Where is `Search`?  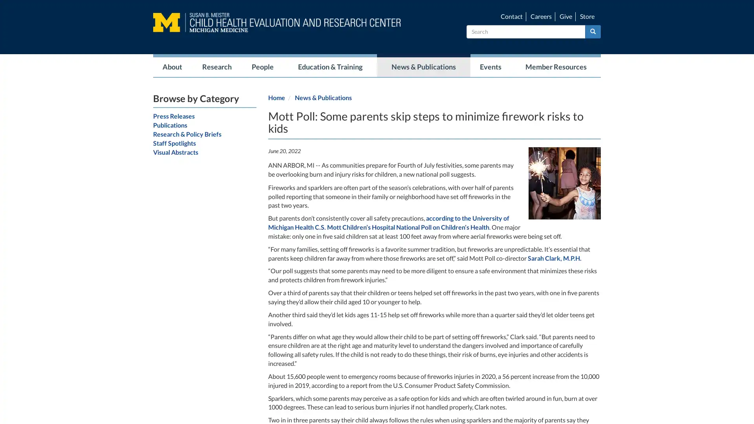 Search is located at coordinates (593, 31).